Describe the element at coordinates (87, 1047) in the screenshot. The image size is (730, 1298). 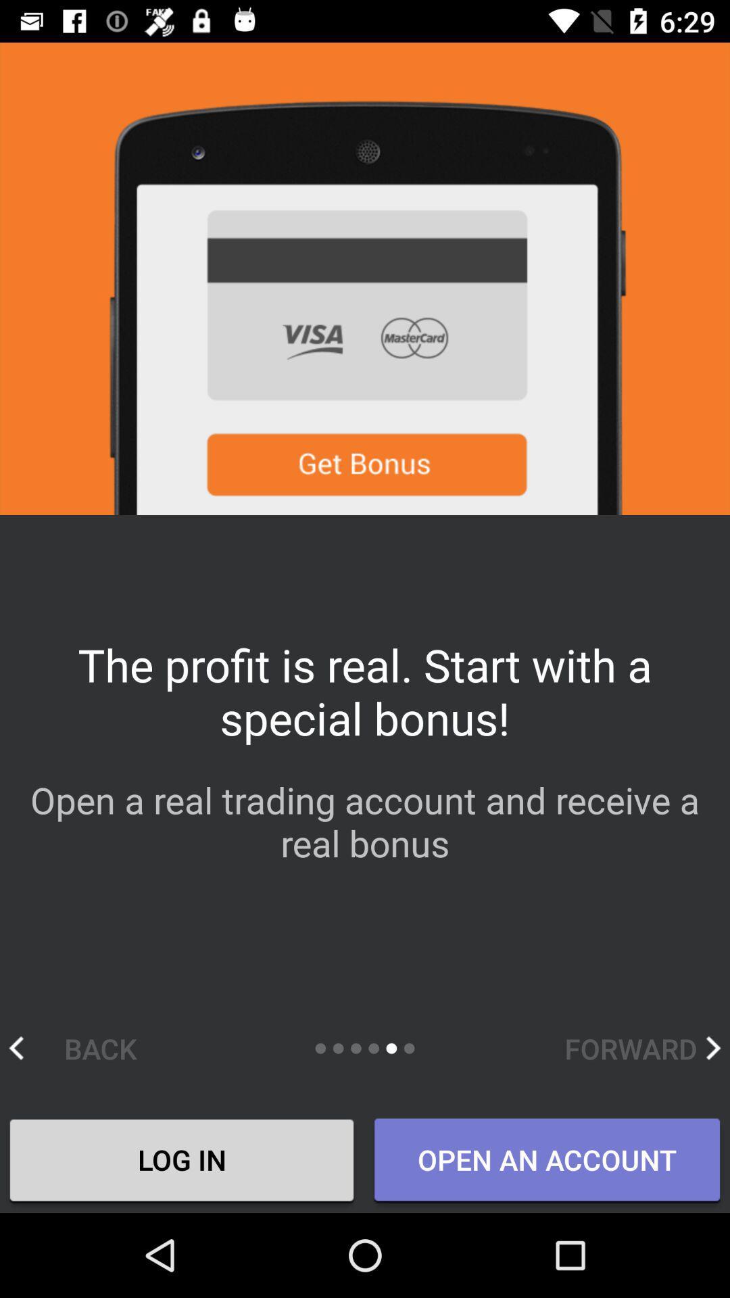
I see `the icon below the open a real icon` at that location.